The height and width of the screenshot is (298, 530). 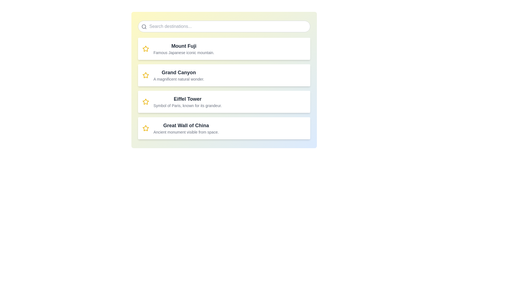 What do you see at coordinates (184, 46) in the screenshot?
I see `the title text element located at the top of the first card item in the list of destinations` at bounding box center [184, 46].